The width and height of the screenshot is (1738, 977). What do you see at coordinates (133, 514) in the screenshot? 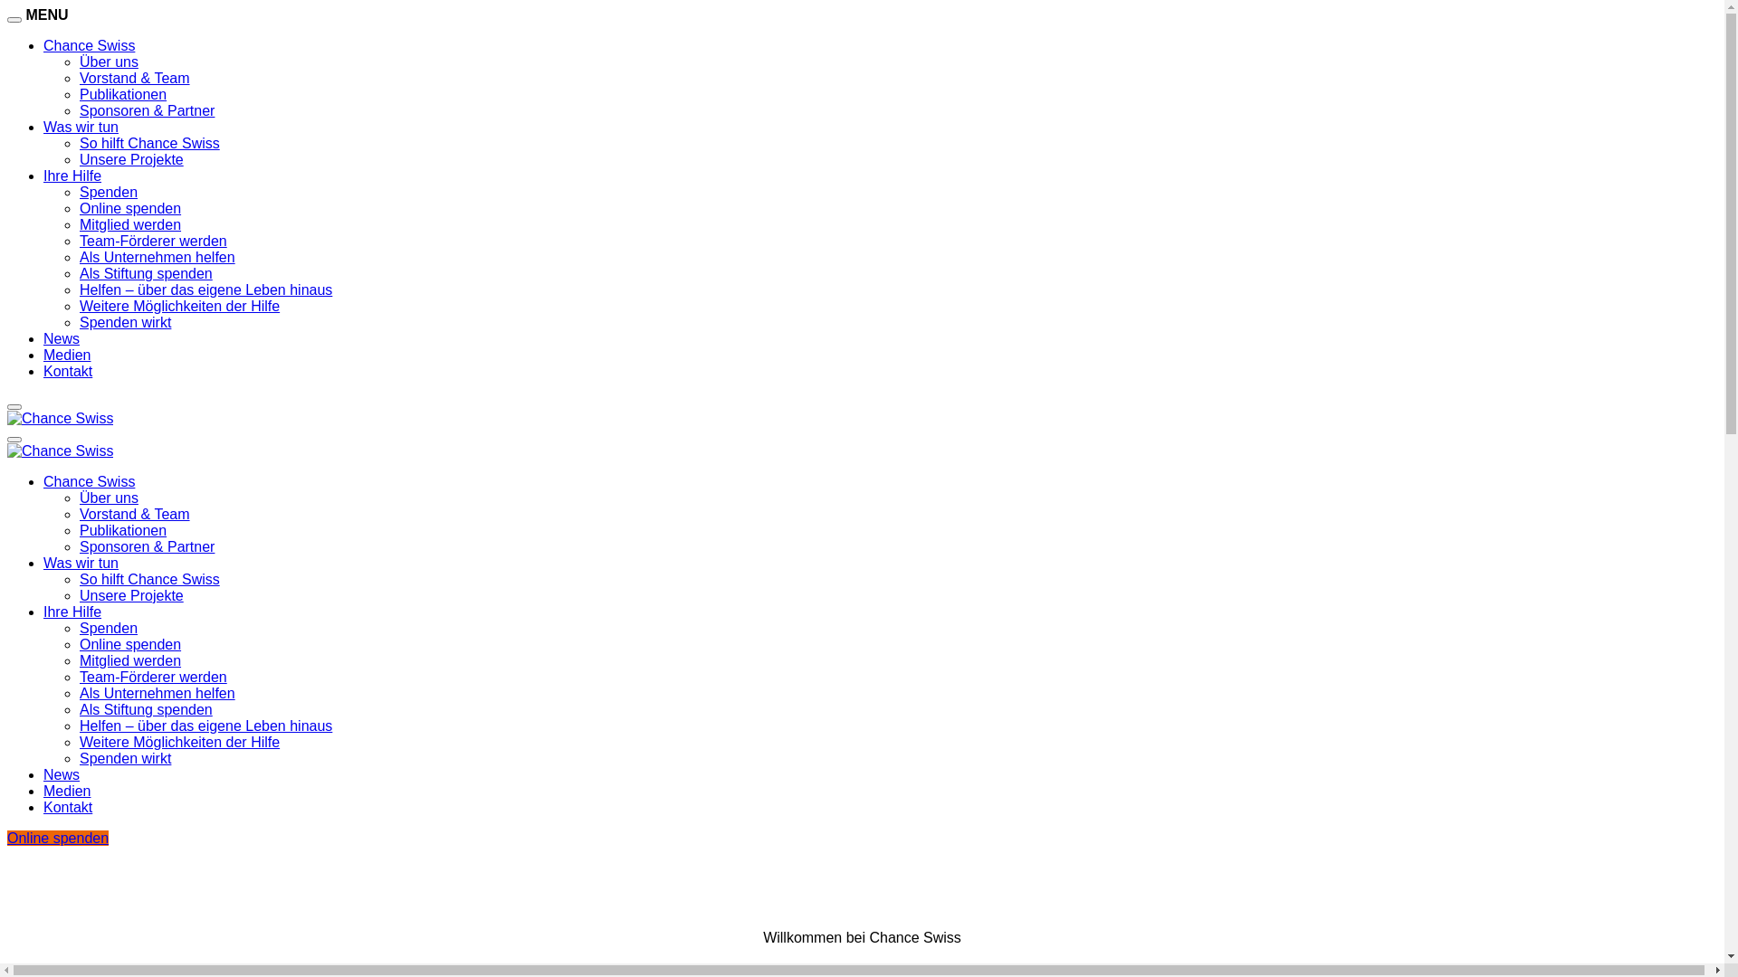
I see `'Vorstand & Team'` at bounding box center [133, 514].